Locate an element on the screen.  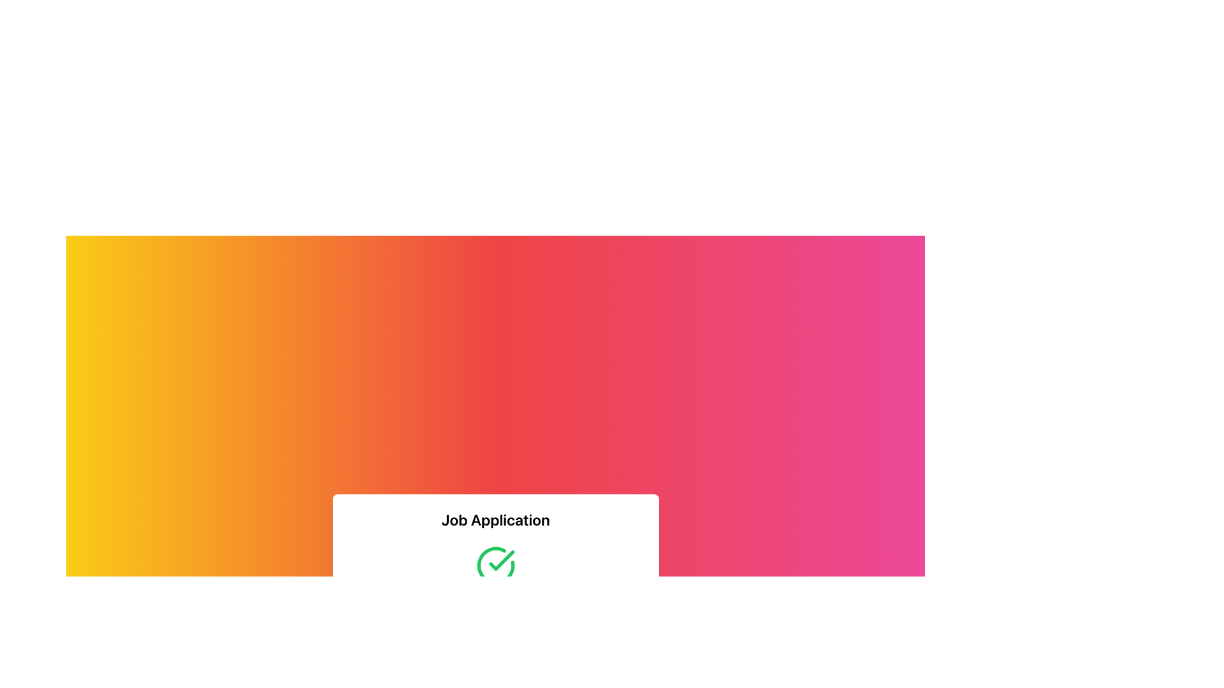
the green circular icon with a checkmark located beneath the 'Job Application' text is located at coordinates (495, 564).